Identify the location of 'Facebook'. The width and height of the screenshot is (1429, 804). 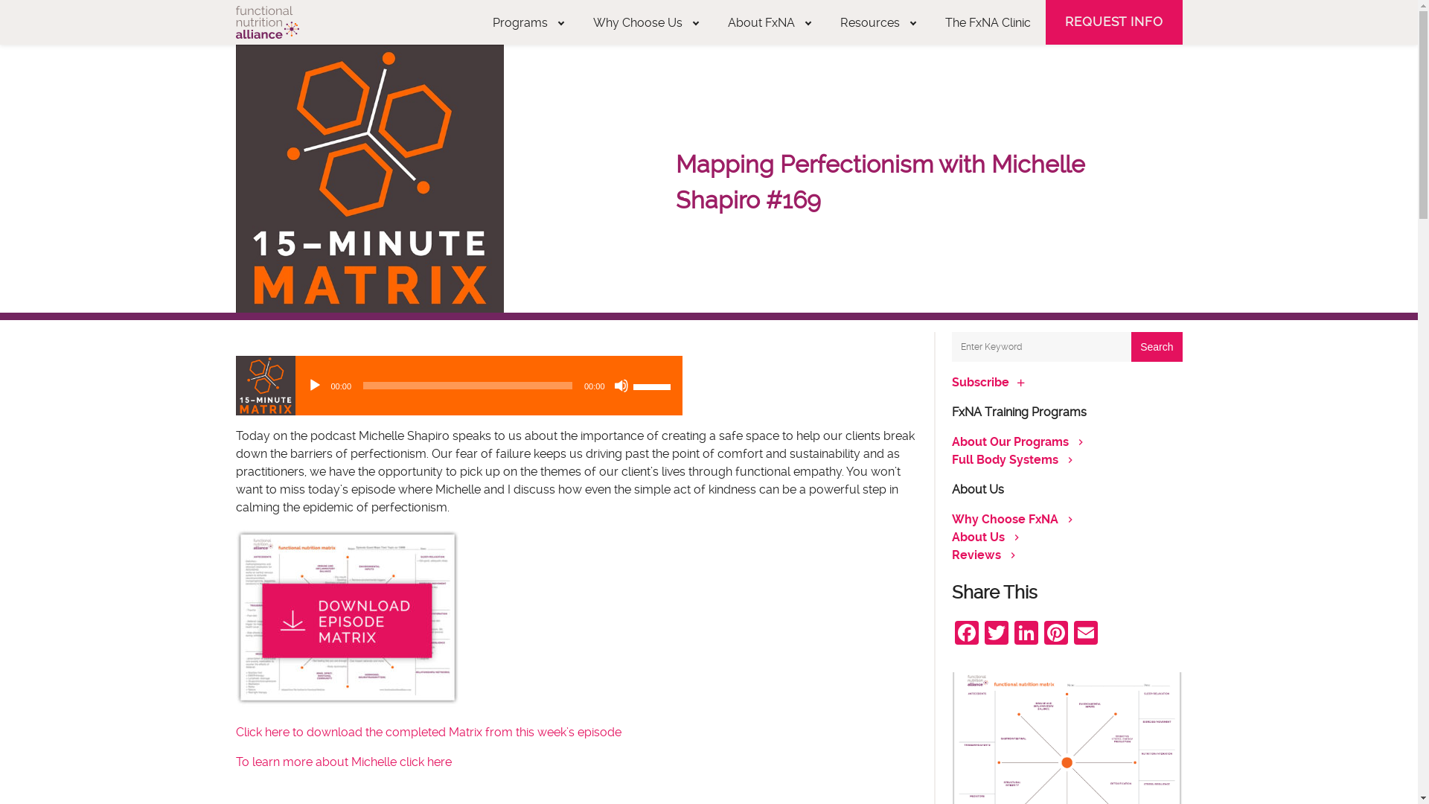
(965, 634).